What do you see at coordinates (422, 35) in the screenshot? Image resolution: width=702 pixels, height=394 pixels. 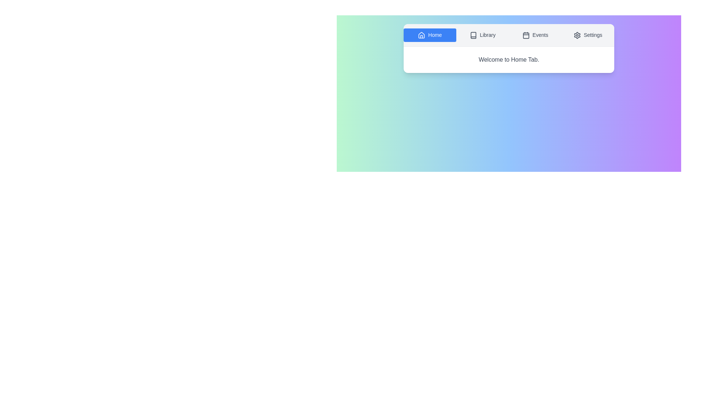 I see `the 'Home' icon in the navigation bar, which serves as a visual identifier for the home action and is located to the left of the text 'Home'` at bounding box center [422, 35].